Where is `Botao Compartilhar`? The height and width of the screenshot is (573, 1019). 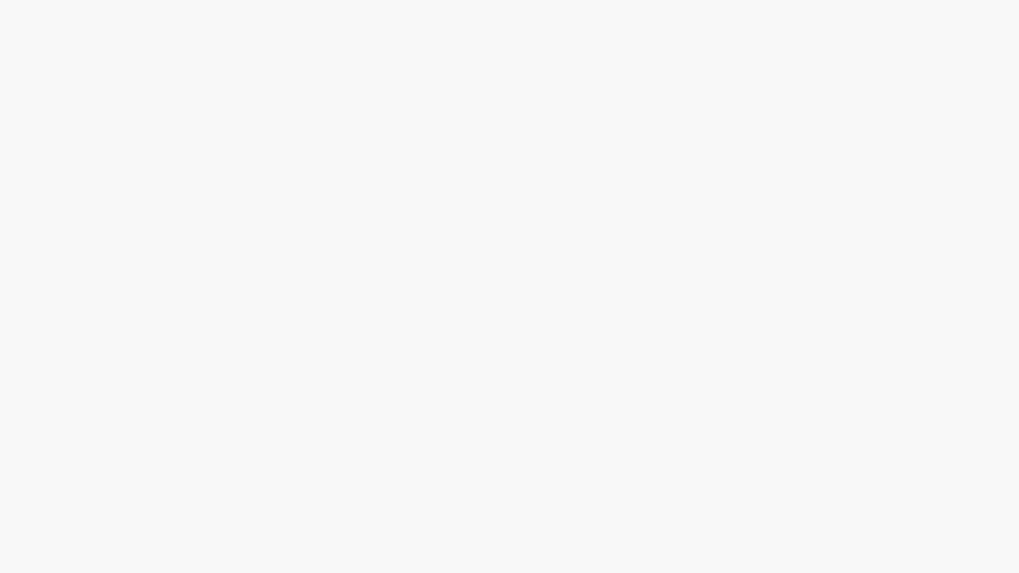 Botao Compartilhar is located at coordinates (651, 300).